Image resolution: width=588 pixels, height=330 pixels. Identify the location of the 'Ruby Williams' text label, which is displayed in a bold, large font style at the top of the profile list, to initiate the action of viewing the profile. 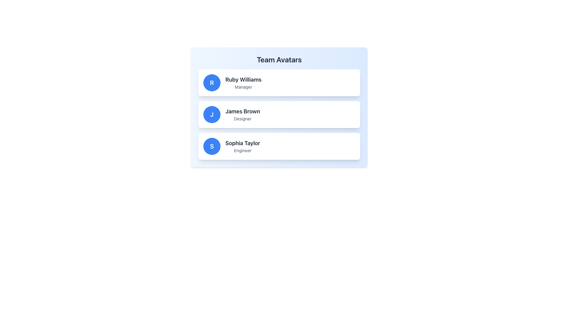
(243, 79).